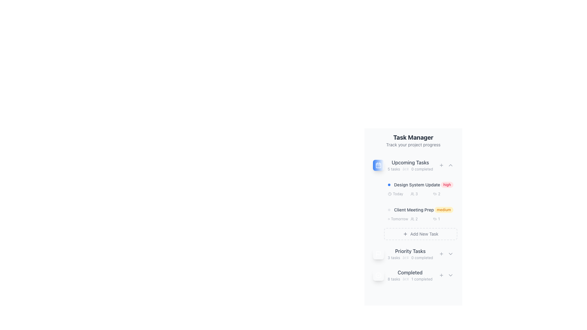 The image size is (587, 330). What do you see at coordinates (420, 209) in the screenshot?
I see `the Task item labeled 'Client Meeting Prep' with a priority badge indicating 'medium'` at bounding box center [420, 209].